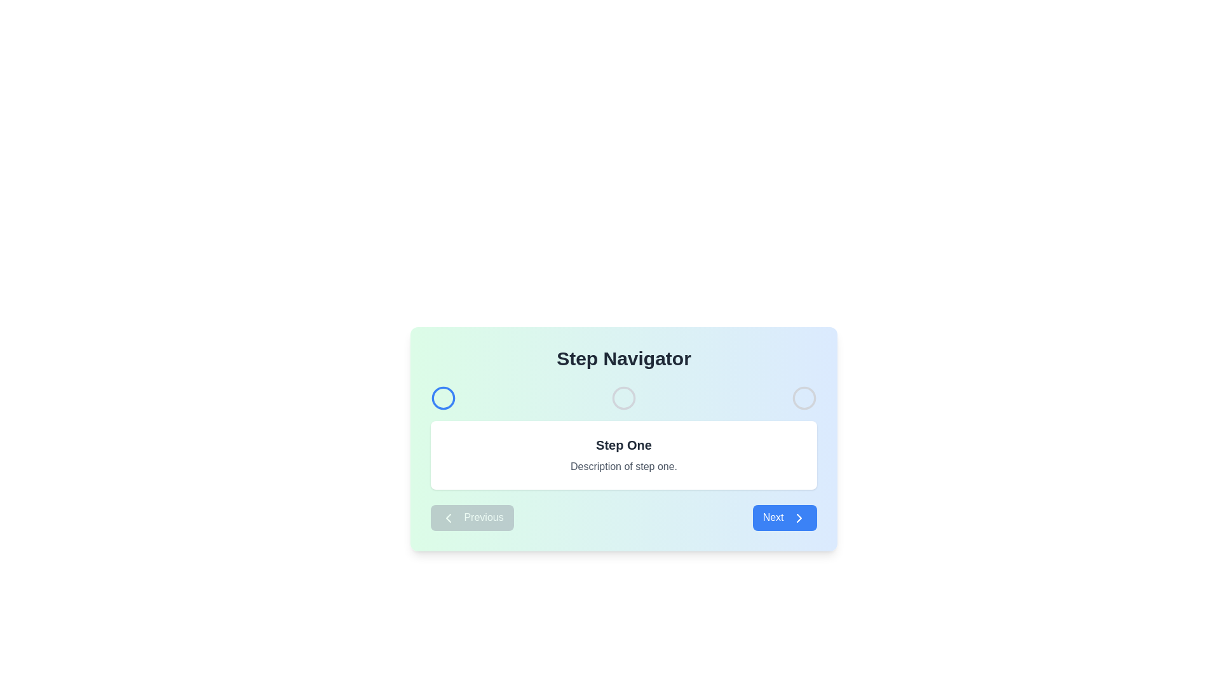 The height and width of the screenshot is (686, 1220). Describe the element at coordinates (443, 398) in the screenshot. I see `the status of the first circular step indicator in the Step Navigator widget, which visually represents the current step in a multi-step process` at that location.